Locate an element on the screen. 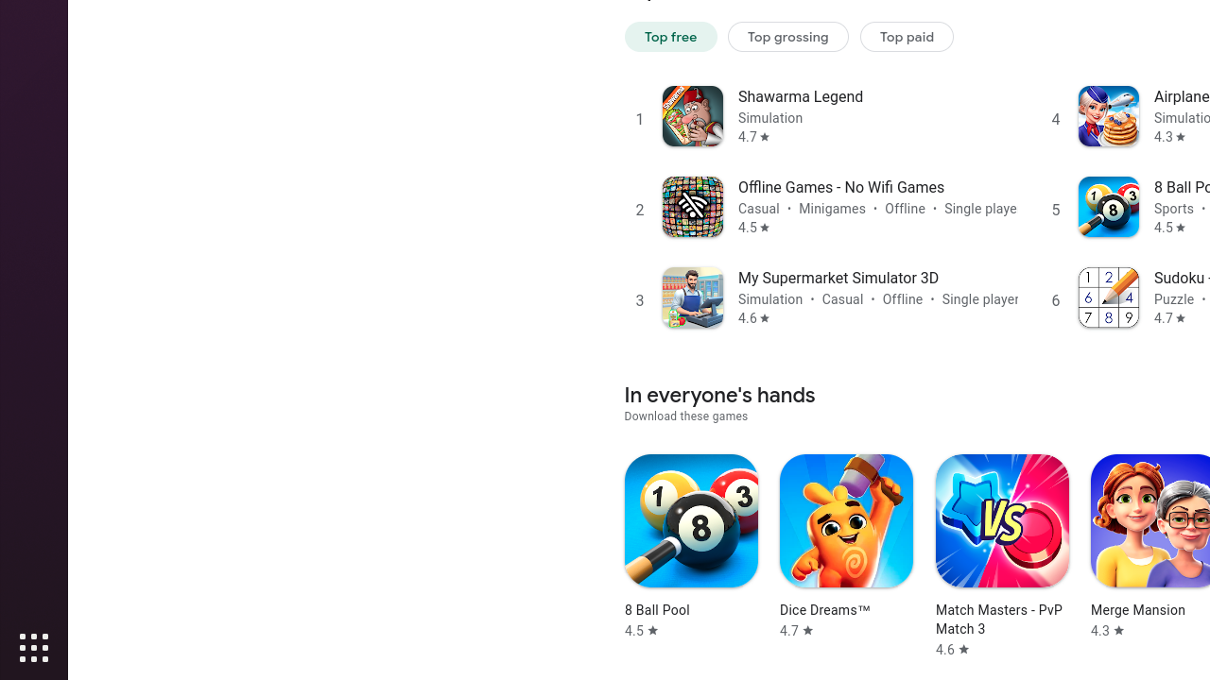  'Dice Dreams™️ Rated 4.7 stars out of five stars' is located at coordinates (845, 547).